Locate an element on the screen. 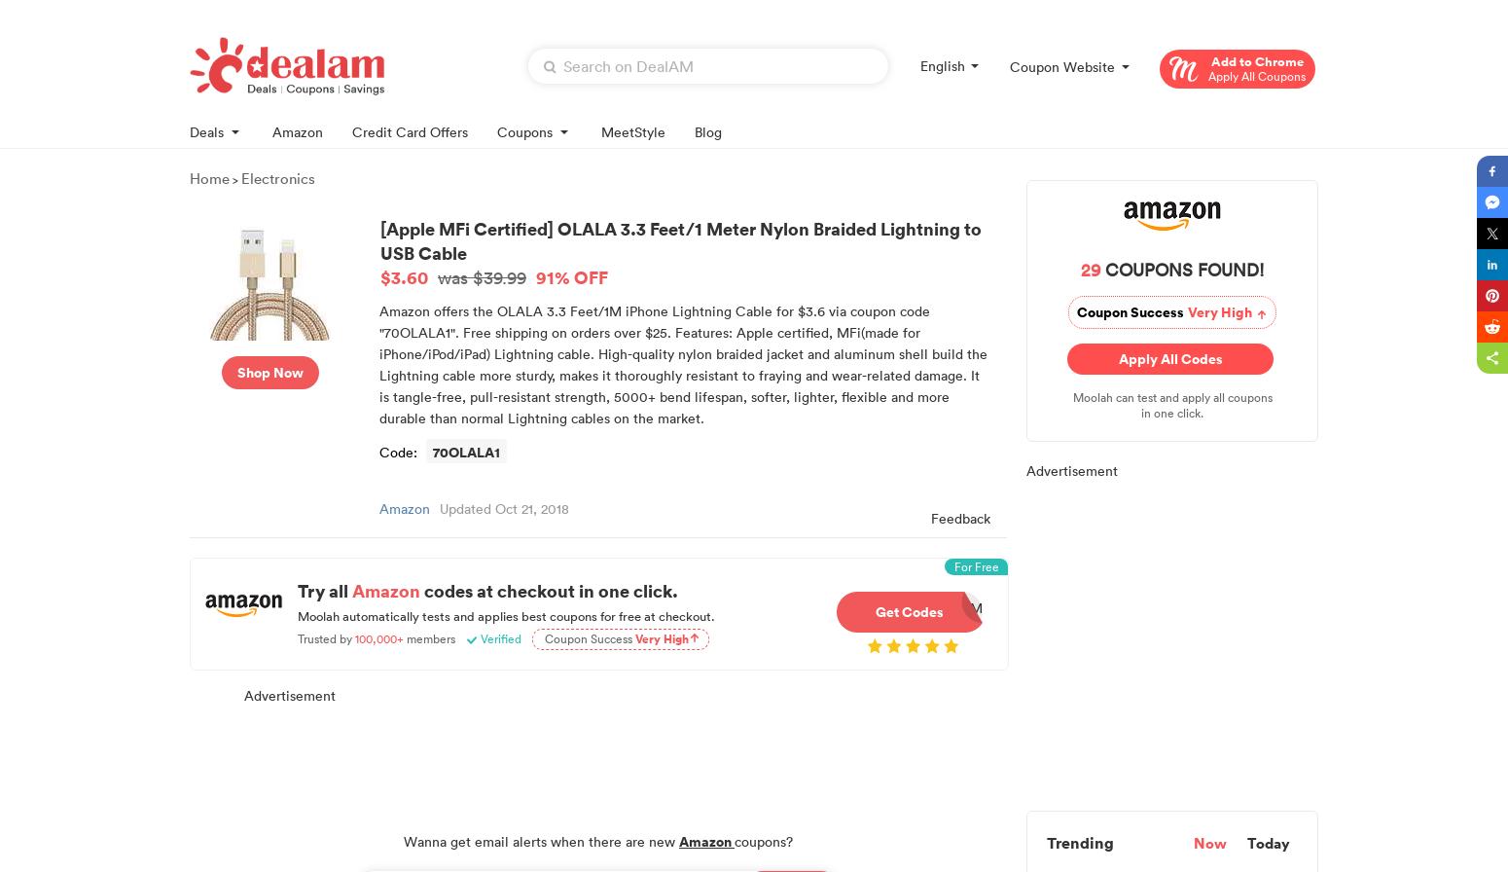  'Shop Now' is located at coordinates (269, 372).